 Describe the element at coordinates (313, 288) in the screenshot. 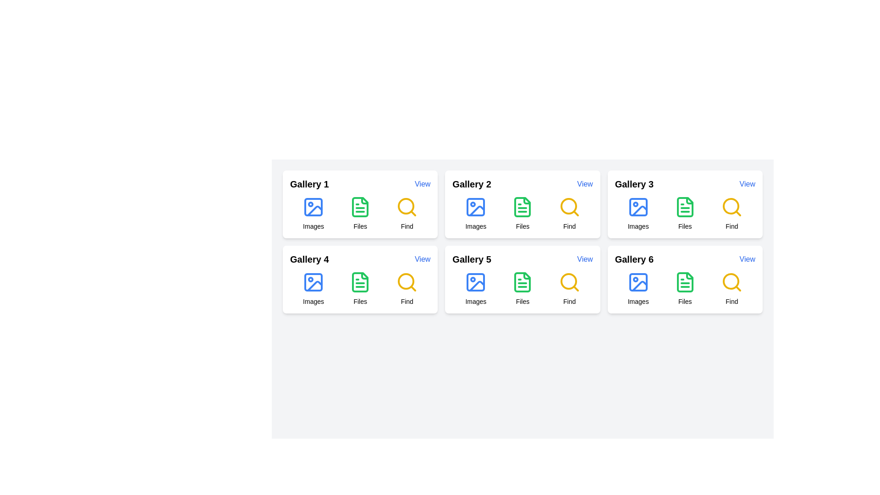

I see `the blue icon resembling a picture frame with a circular detail and a wavy line inside, labeled 'Images'` at that location.